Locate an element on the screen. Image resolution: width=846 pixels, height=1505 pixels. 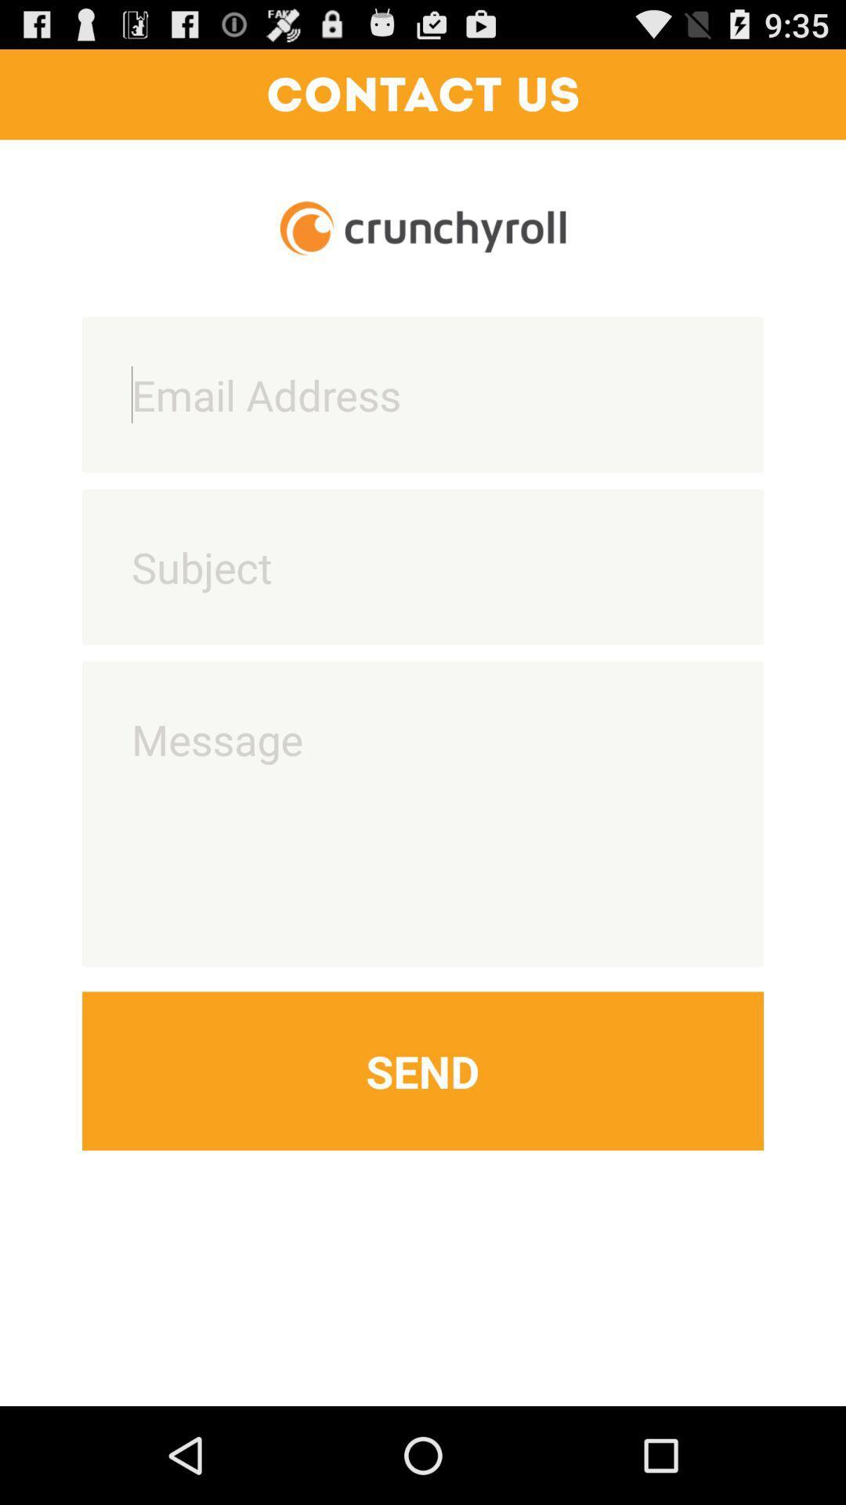
subject text entry box is located at coordinates (423, 566).